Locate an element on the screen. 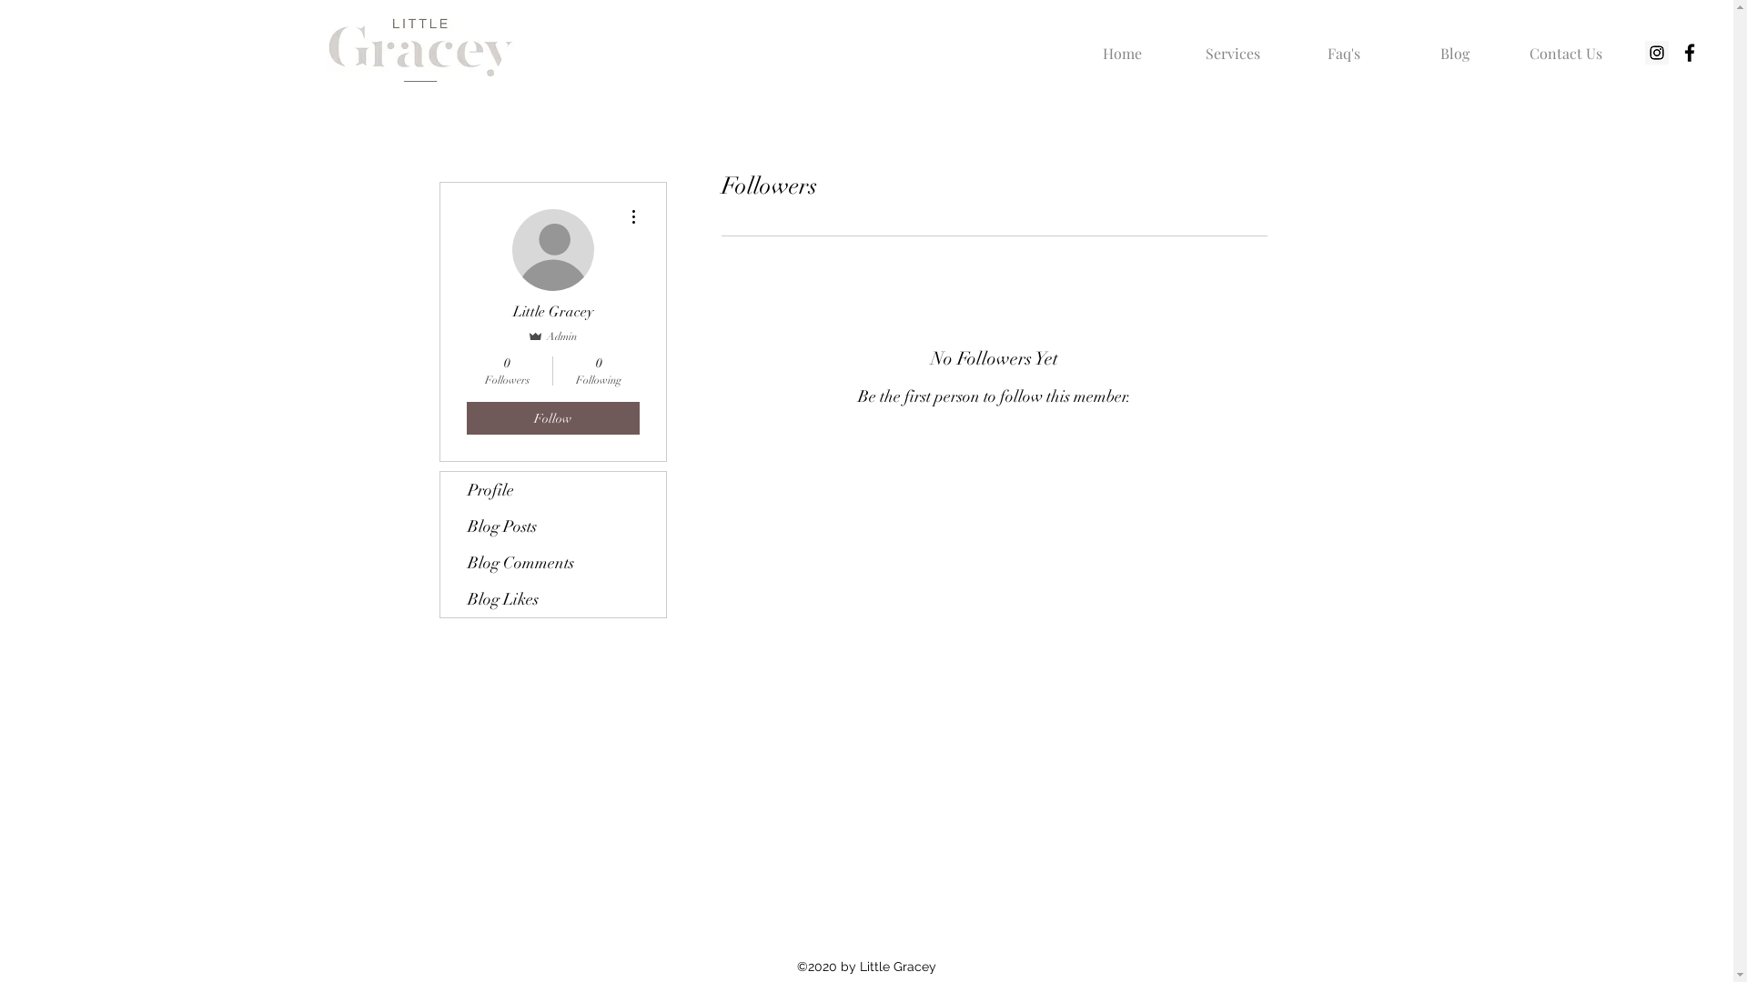 The height and width of the screenshot is (982, 1747). 'Services' is located at coordinates (1177, 45).